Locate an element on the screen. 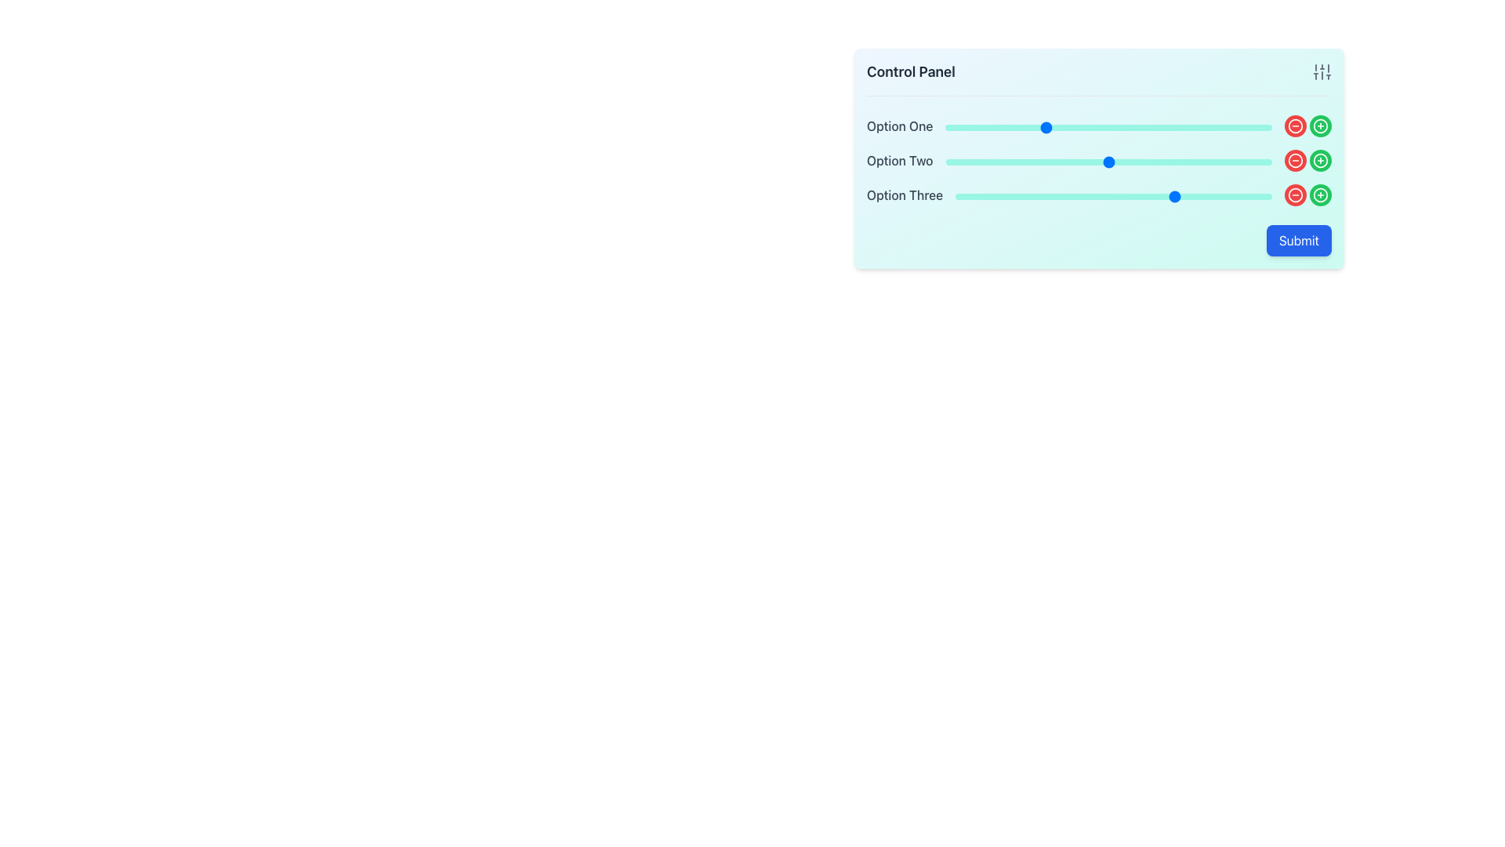 The image size is (1505, 847). the slider value is located at coordinates (977, 195).